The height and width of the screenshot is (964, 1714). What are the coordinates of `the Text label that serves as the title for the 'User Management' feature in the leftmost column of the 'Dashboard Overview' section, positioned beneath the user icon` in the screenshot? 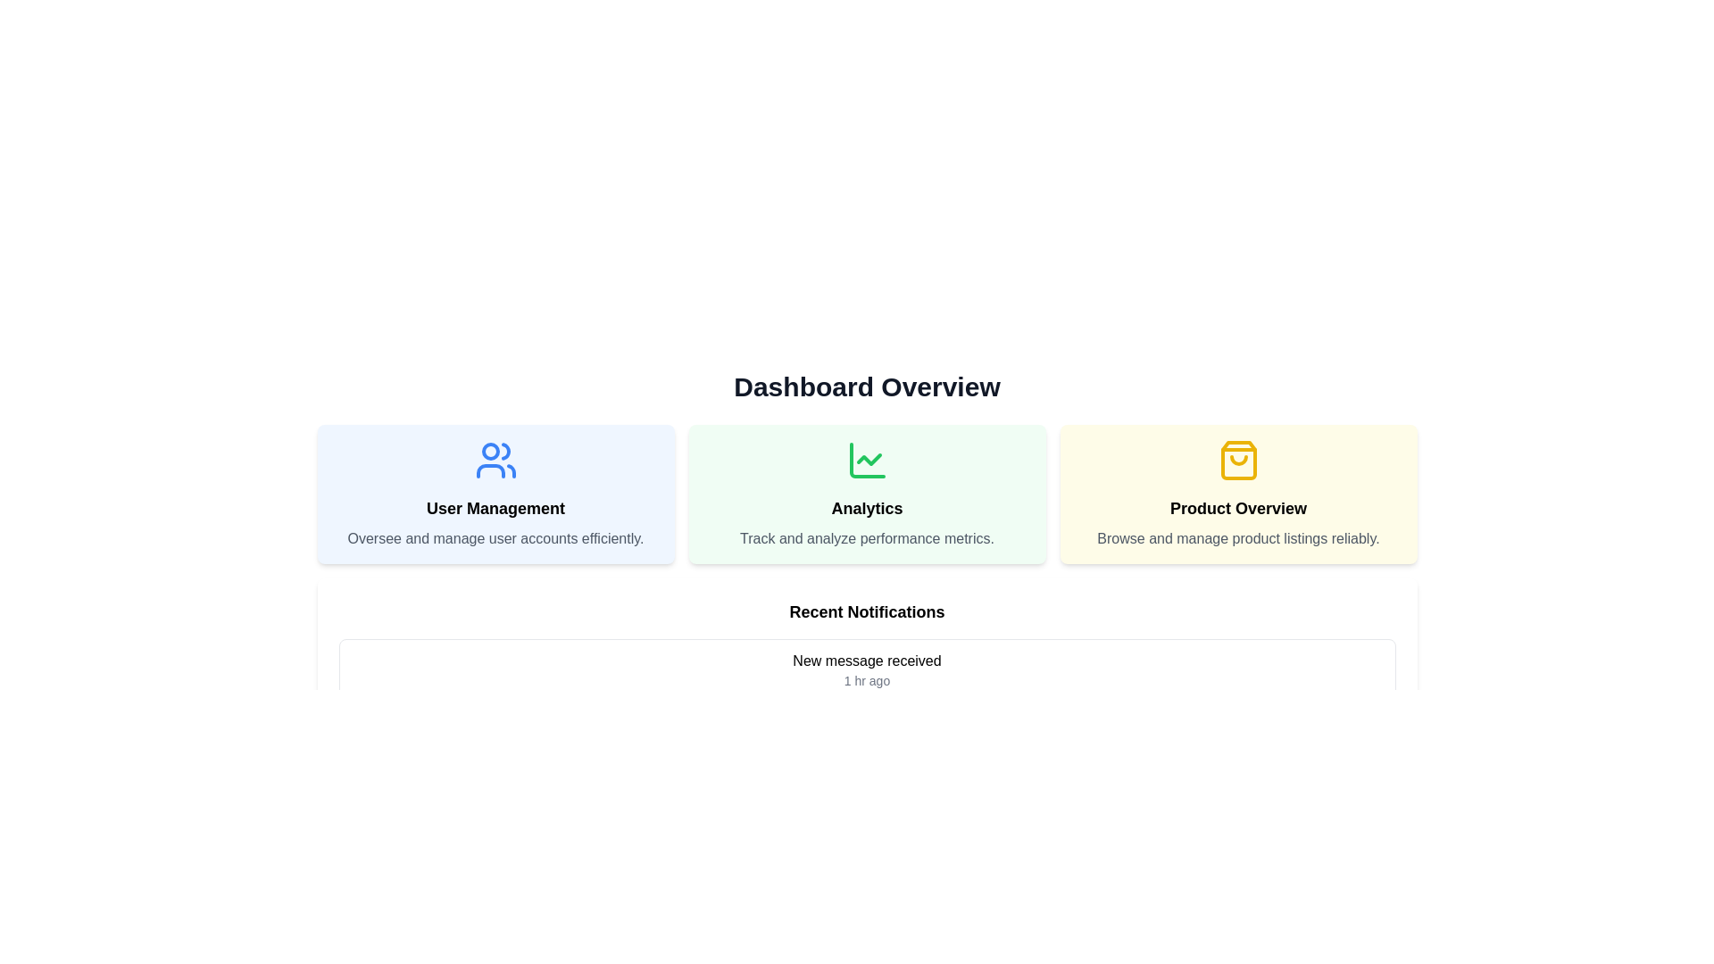 It's located at (495, 509).